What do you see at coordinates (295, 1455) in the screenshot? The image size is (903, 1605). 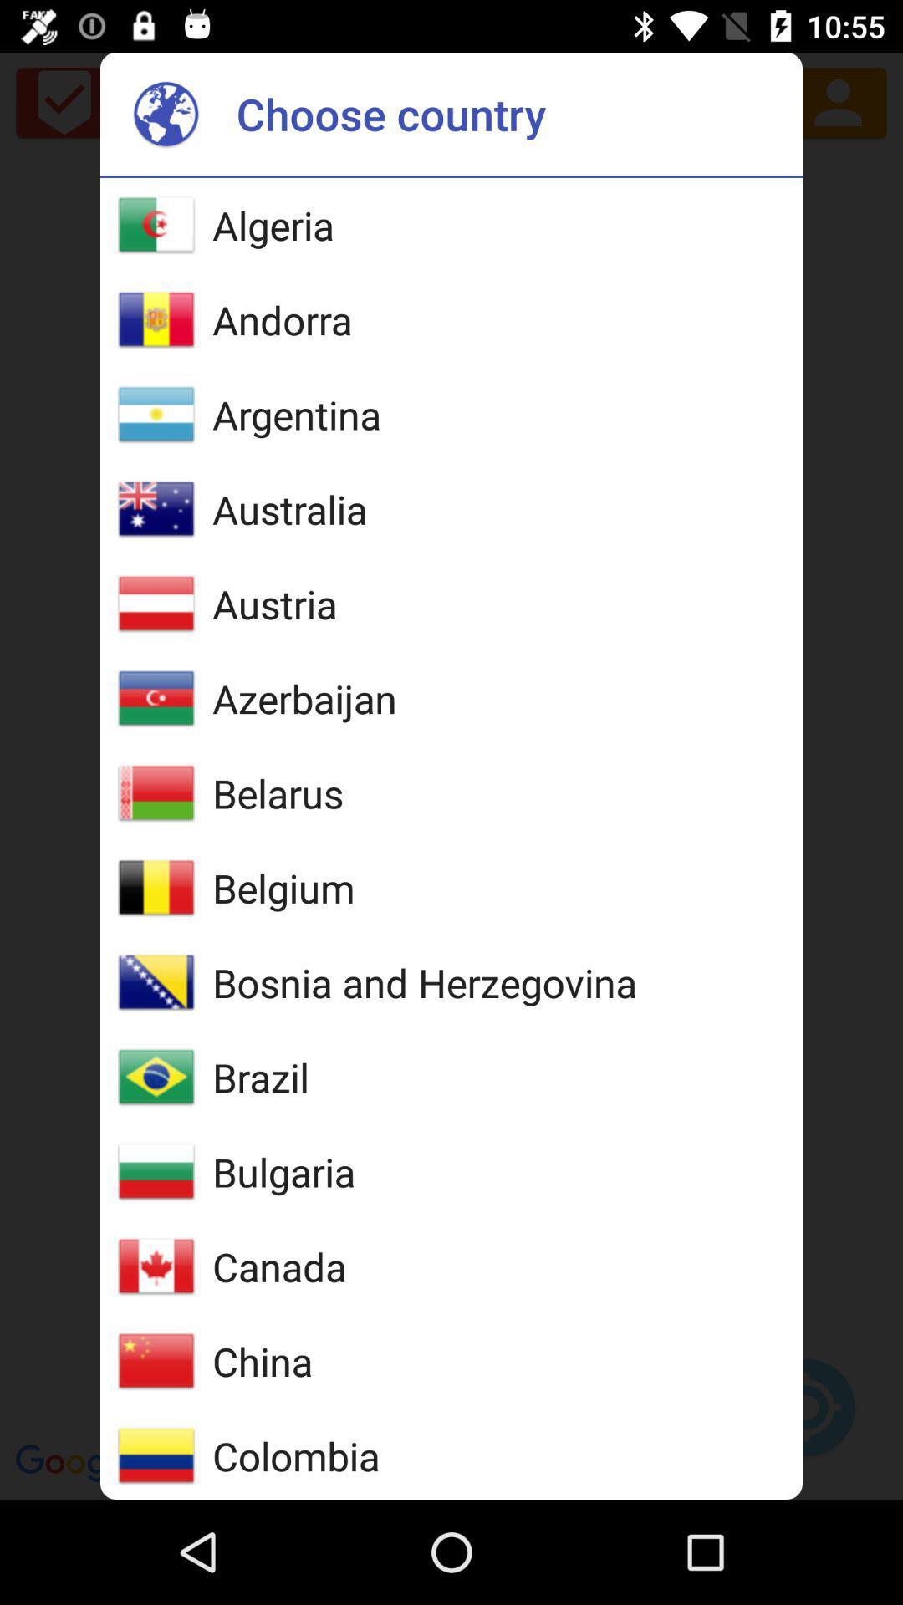 I see `icon below china` at bounding box center [295, 1455].